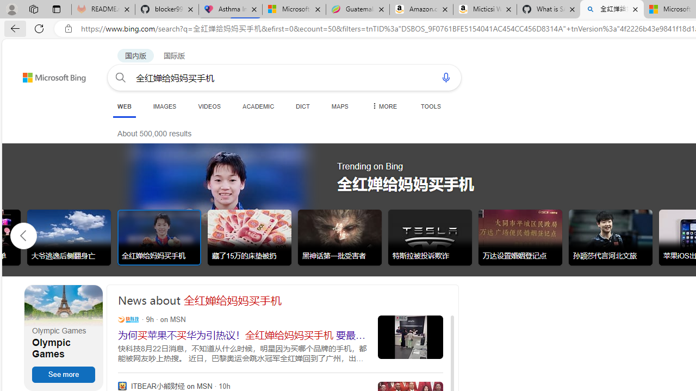 The width and height of the screenshot is (696, 391). What do you see at coordinates (383, 106) in the screenshot?
I see `'Dropdown Menu'` at bounding box center [383, 106].